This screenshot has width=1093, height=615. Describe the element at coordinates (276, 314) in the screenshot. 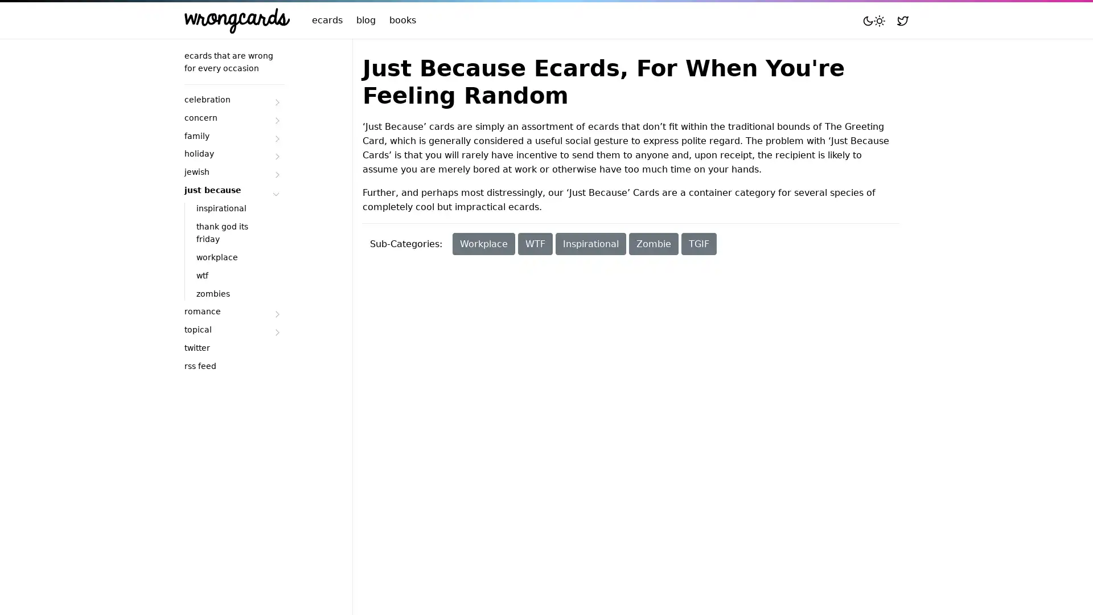

I see `Submenu` at that location.